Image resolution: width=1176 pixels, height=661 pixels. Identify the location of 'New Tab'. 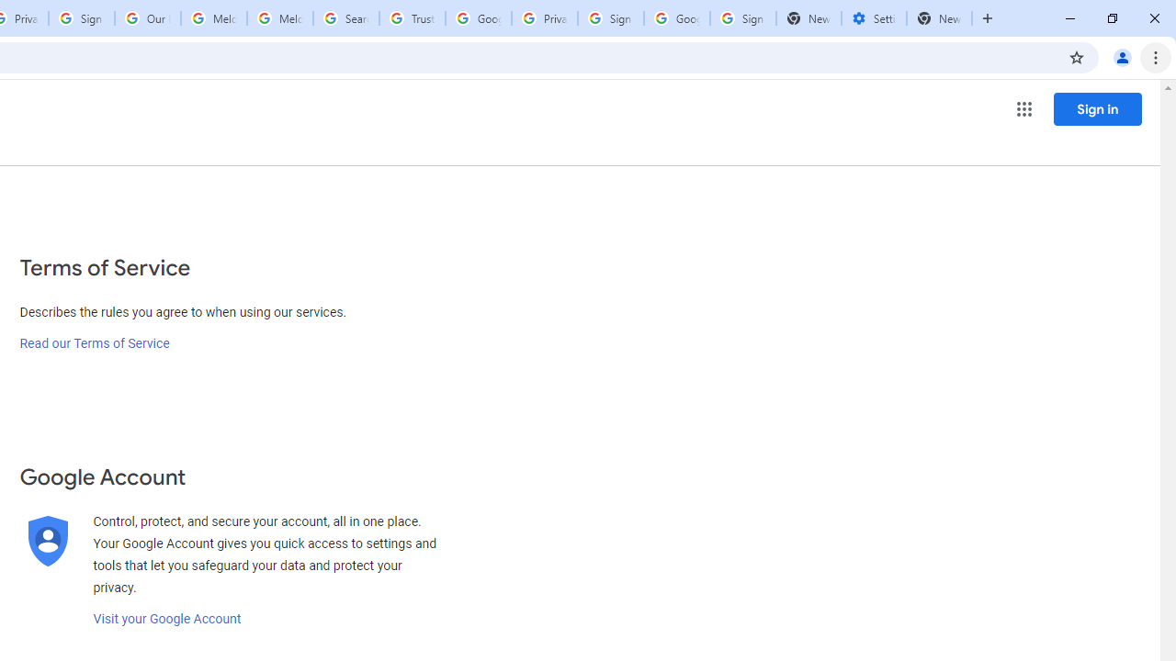
(939, 18).